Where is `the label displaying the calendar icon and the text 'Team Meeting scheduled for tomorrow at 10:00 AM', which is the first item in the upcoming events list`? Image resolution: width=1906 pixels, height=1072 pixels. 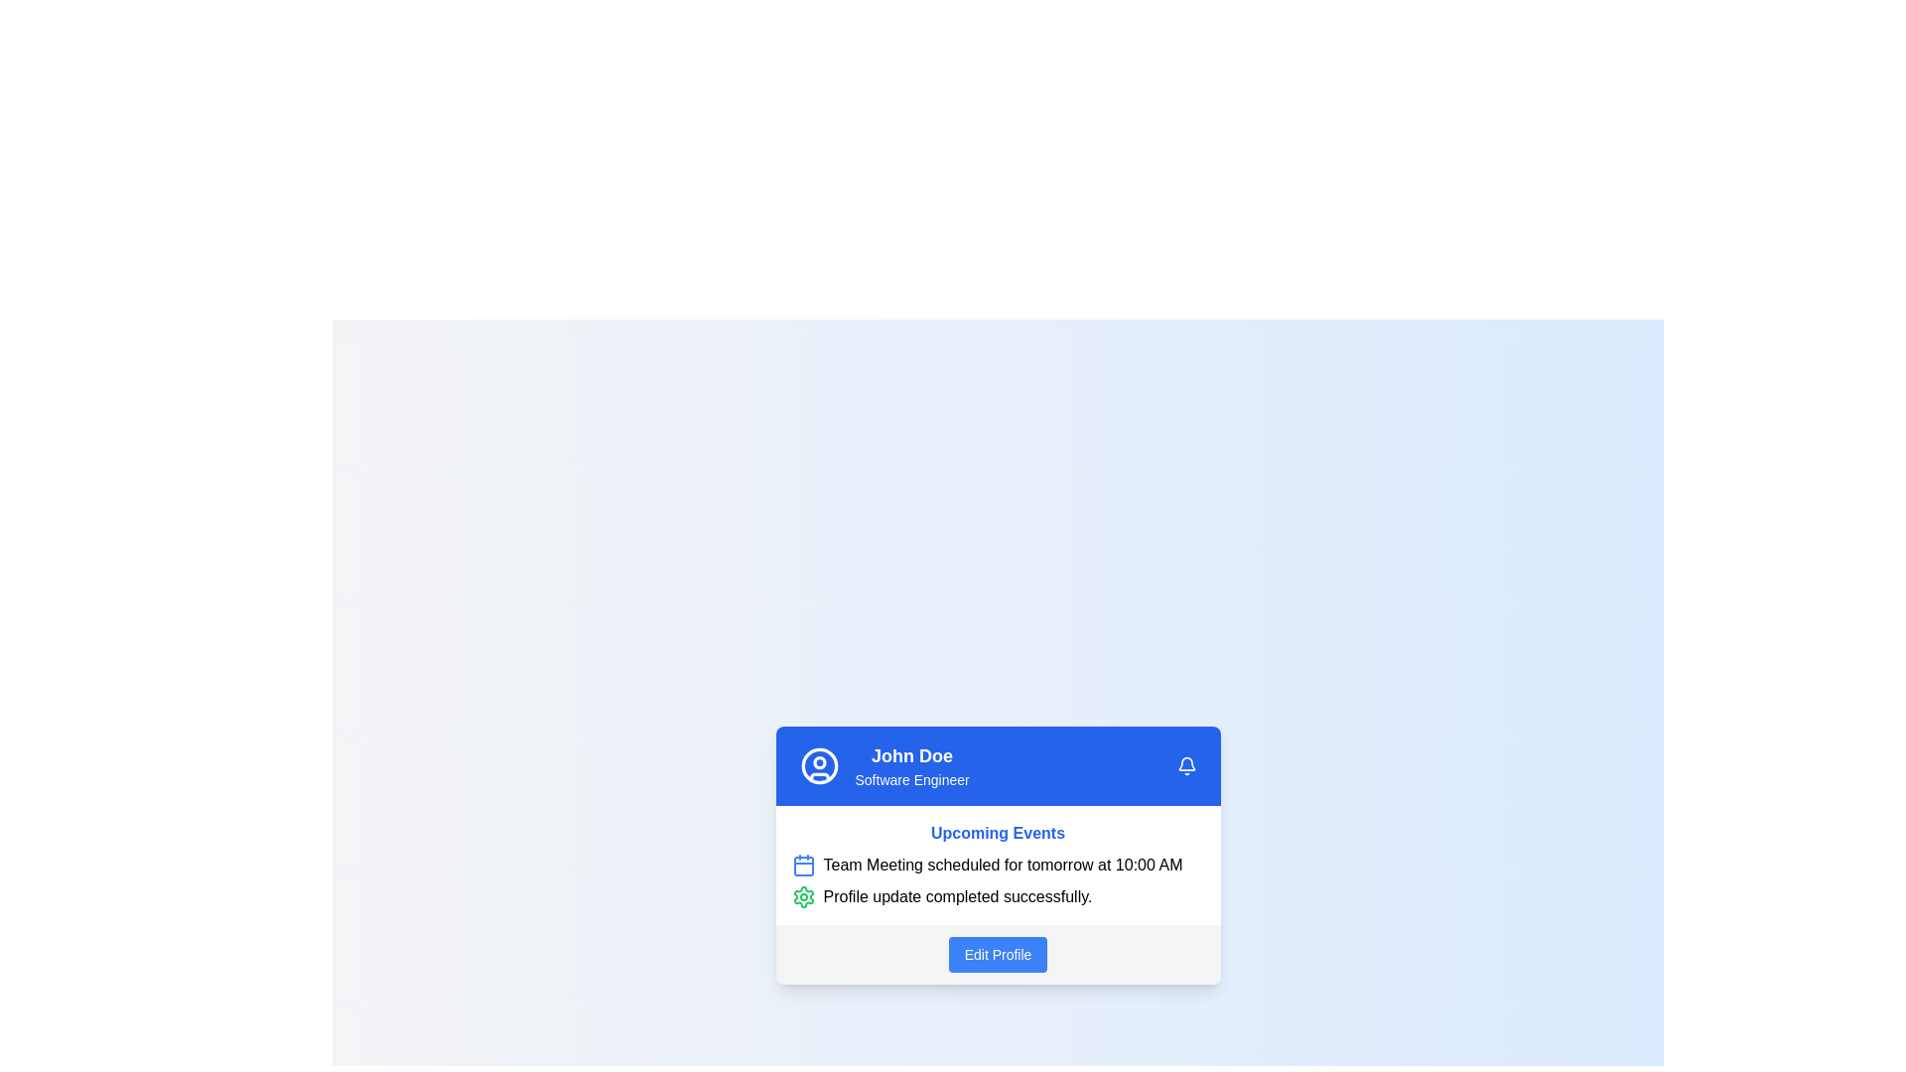
the label displaying the calendar icon and the text 'Team Meeting scheduled for tomorrow at 10:00 AM', which is the first item in the upcoming events list is located at coordinates (998, 864).